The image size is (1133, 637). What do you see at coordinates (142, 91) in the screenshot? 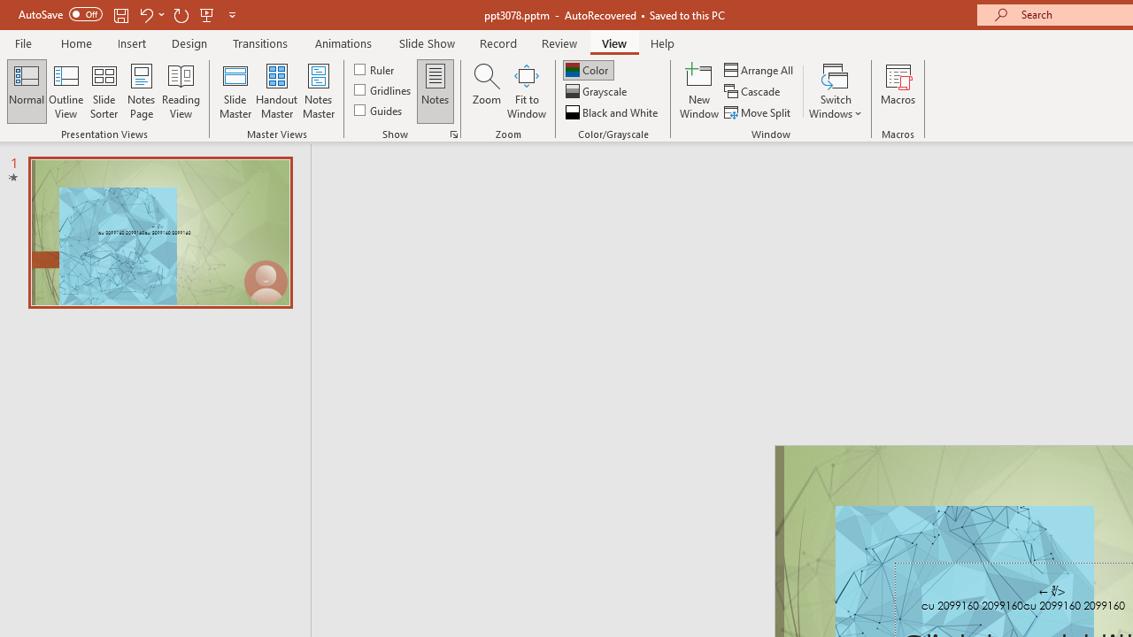
I see `'Notes Page'` at bounding box center [142, 91].